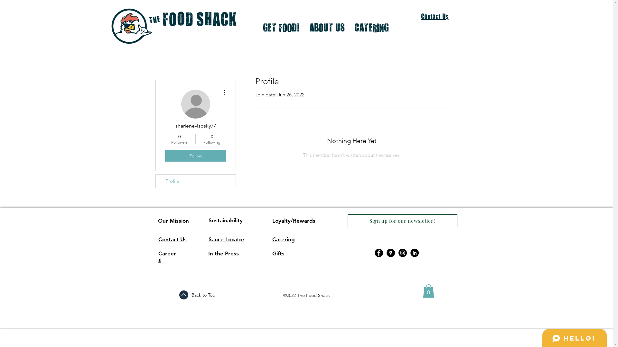 Image resolution: width=618 pixels, height=347 pixels. I want to click on 'CATERING', so click(371, 27).